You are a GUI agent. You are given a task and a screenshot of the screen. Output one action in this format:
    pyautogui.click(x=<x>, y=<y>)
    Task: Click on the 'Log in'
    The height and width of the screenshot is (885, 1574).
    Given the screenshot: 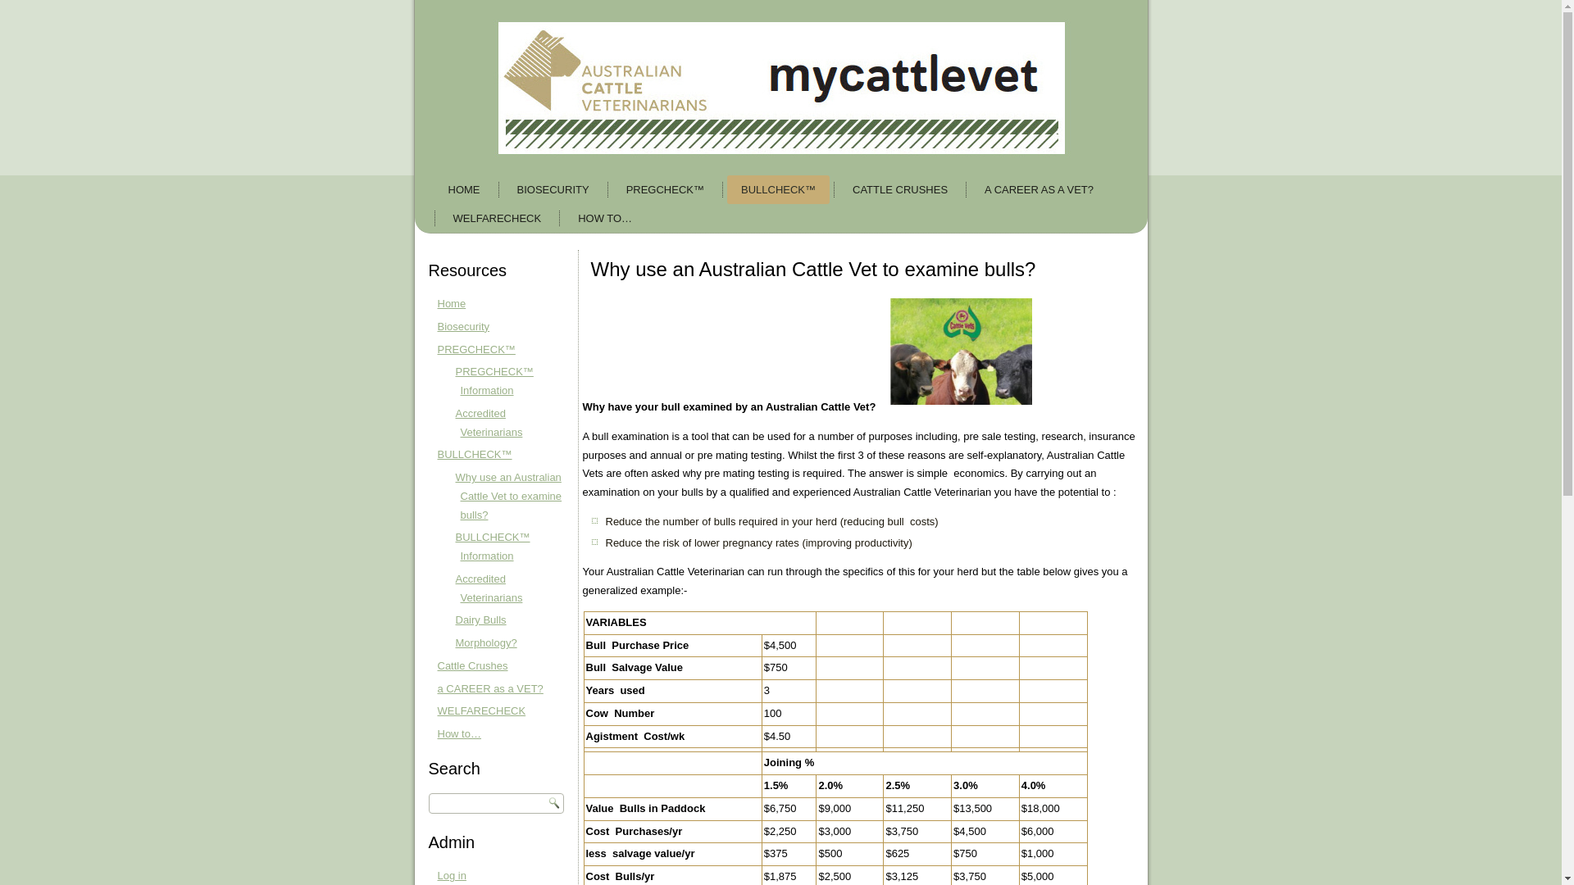 What is the action you would take?
    pyautogui.click(x=452, y=874)
    